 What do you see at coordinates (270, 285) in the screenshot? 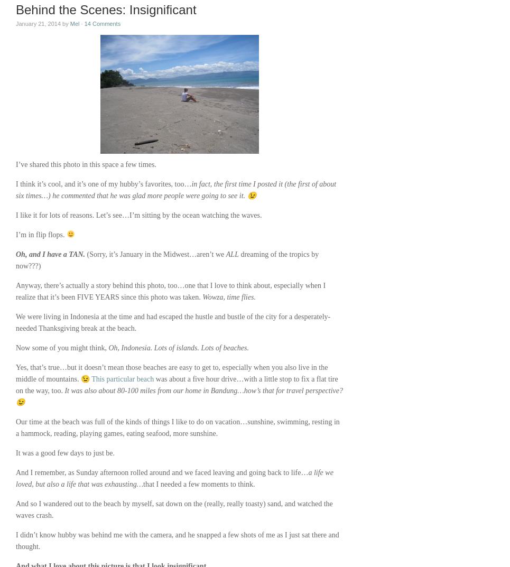
I see `','` at bounding box center [270, 285].